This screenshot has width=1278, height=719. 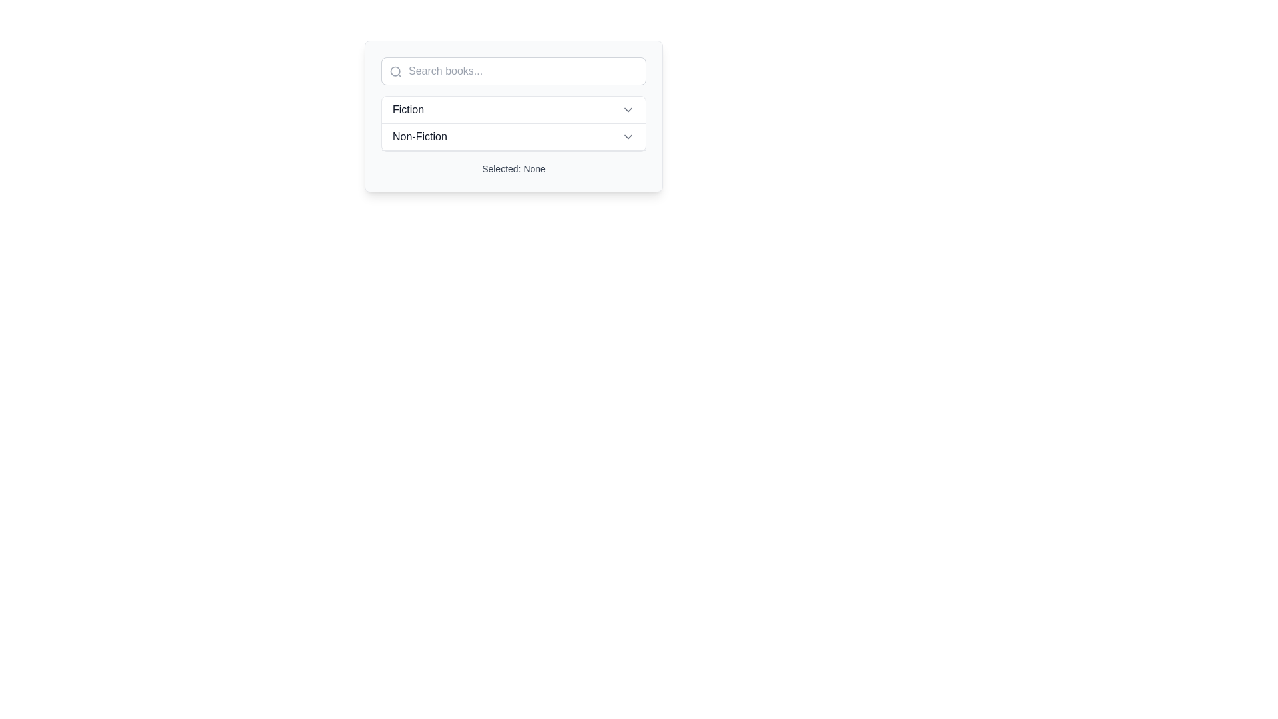 What do you see at coordinates (513, 123) in the screenshot?
I see `the Dropdown menu containing 'Fiction' and 'Non-Fiction' options` at bounding box center [513, 123].